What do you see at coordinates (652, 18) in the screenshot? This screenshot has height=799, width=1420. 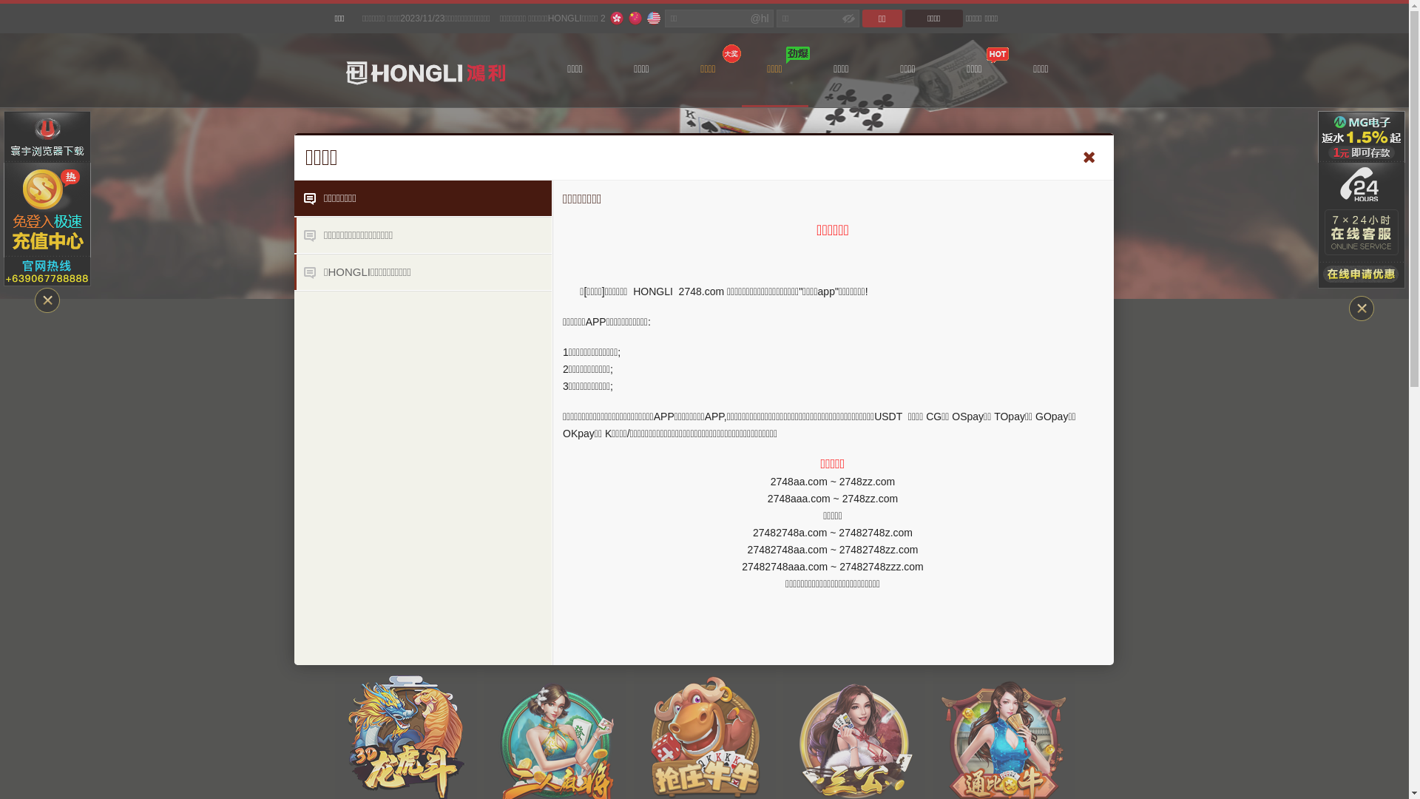 I see `'English'` at bounding box center [652, 18].